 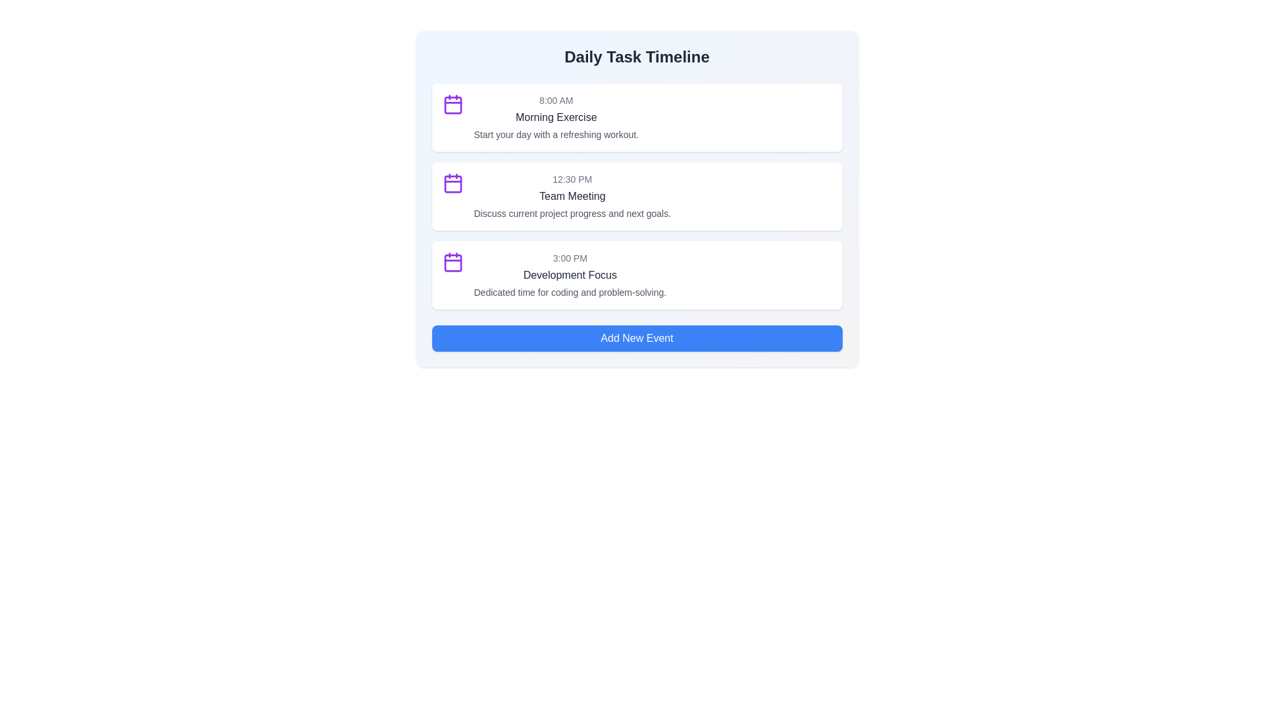 What do you see at coordinates (570, 275) in the screenshot?
I see `text label stating 'Development Focus', which is centrally aligned within the timeline entry, positioned between '3:00 PM' above it and the description below it` at bounding box center [570, 275].